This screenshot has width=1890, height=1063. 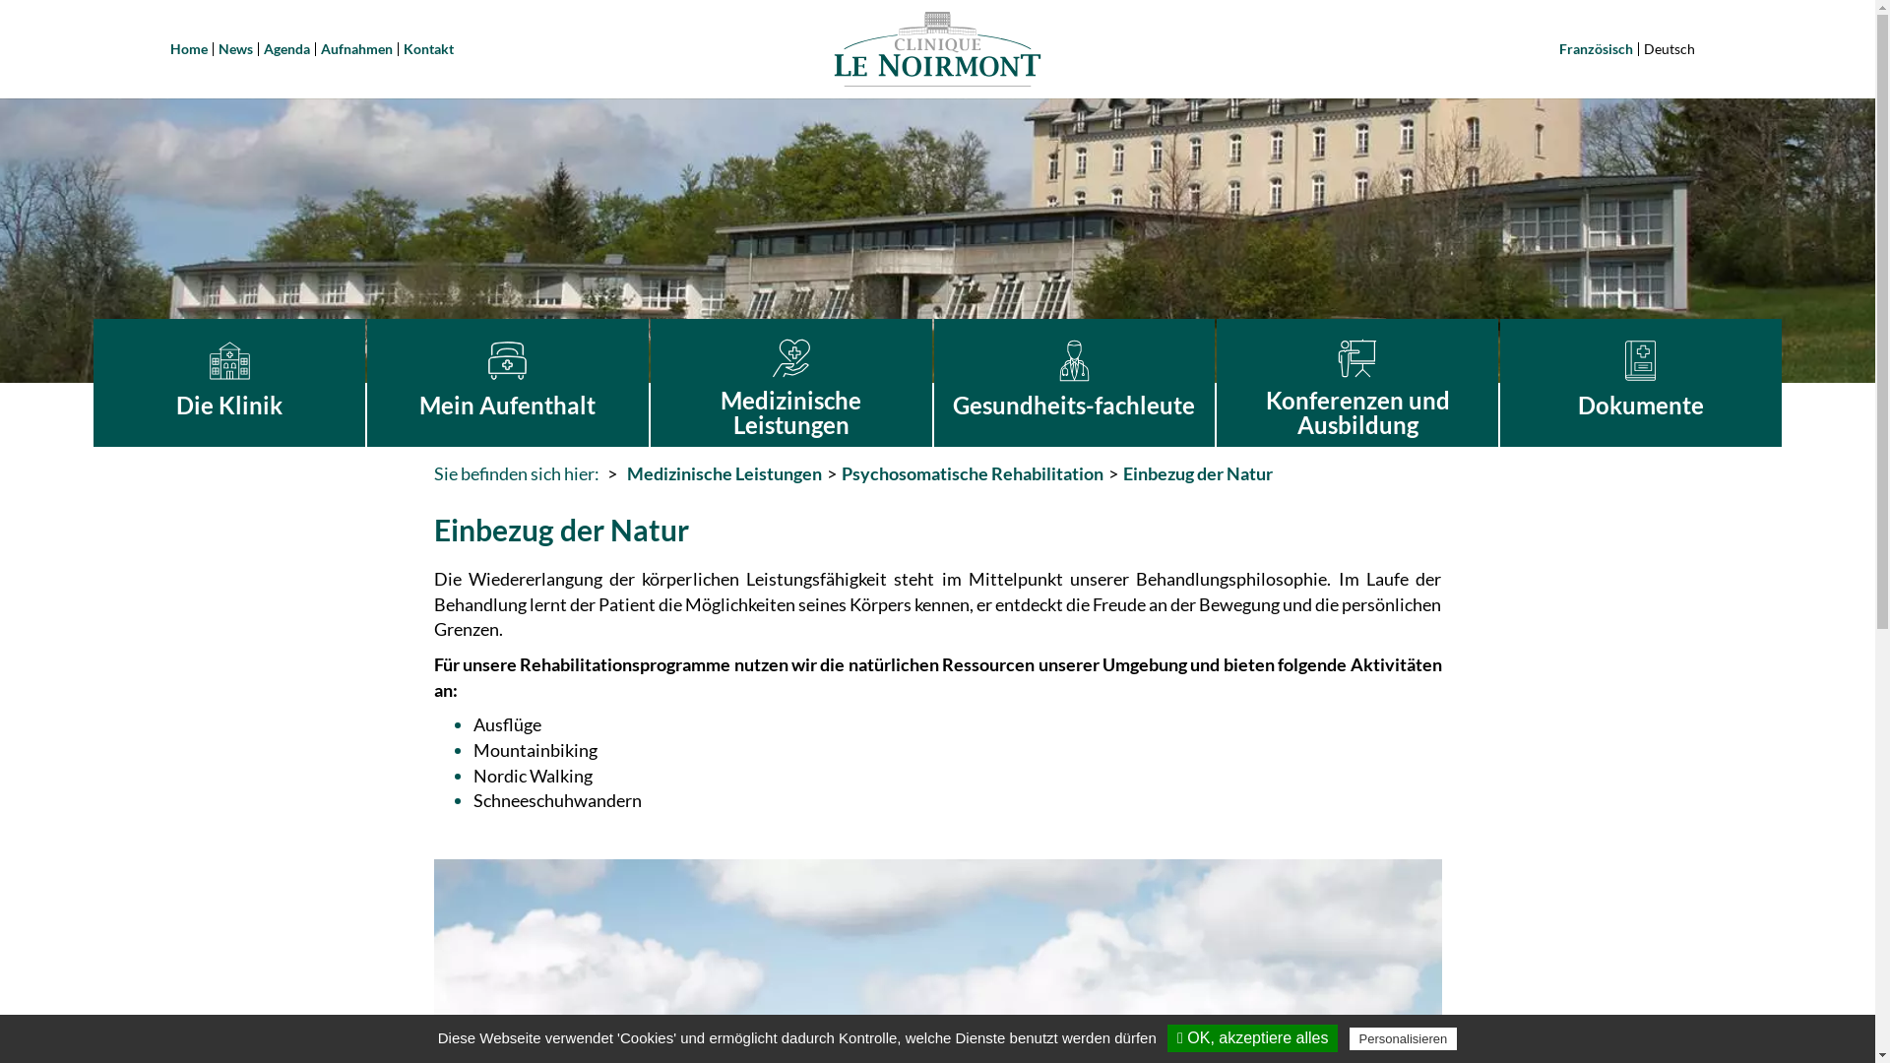 What do you see at coordinates (1355, 383) in the screenshot?
I see `'Konferenzen und Ausbildung'` at bounding box center [1355, 383].